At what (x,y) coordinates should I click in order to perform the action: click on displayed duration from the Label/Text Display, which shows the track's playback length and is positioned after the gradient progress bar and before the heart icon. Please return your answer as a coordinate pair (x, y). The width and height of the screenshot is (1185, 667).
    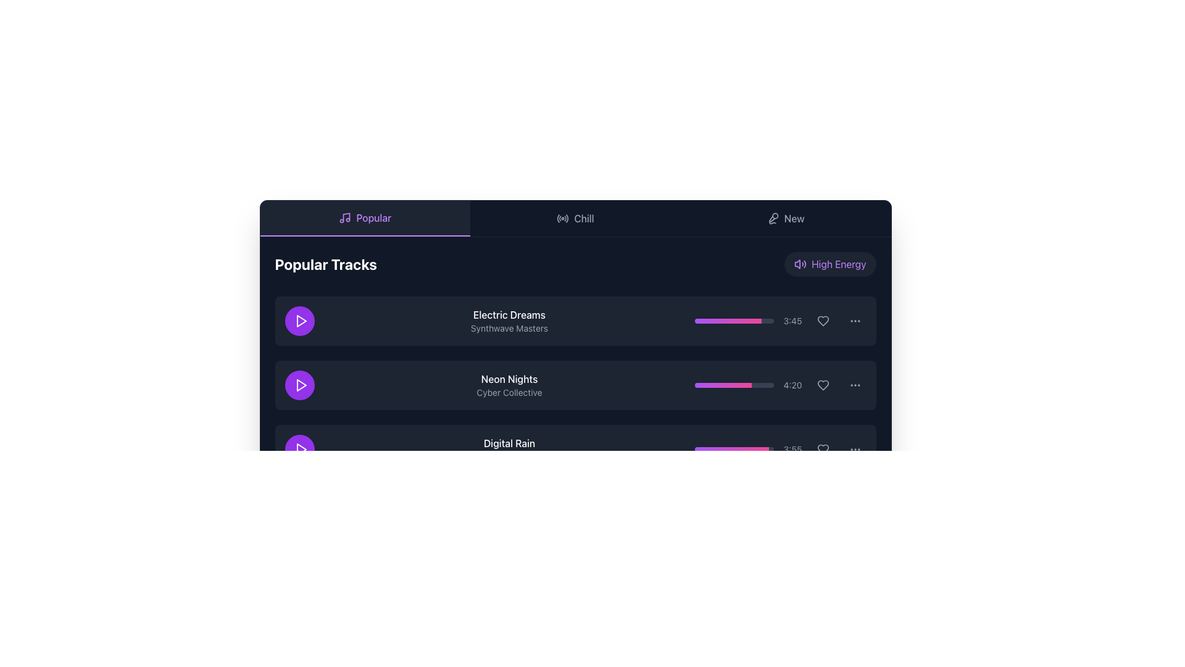
    Looking at the image, I should click on (780, 321).